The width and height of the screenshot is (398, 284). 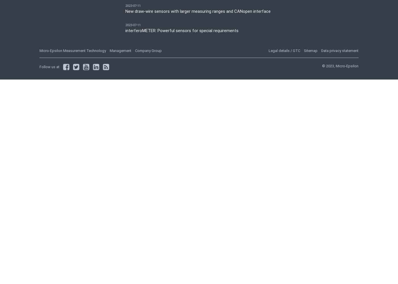 What do you see at coordinates (49, 66) in the screenshot?
I see `'Follow us at'` at bounding box center [49, 66].